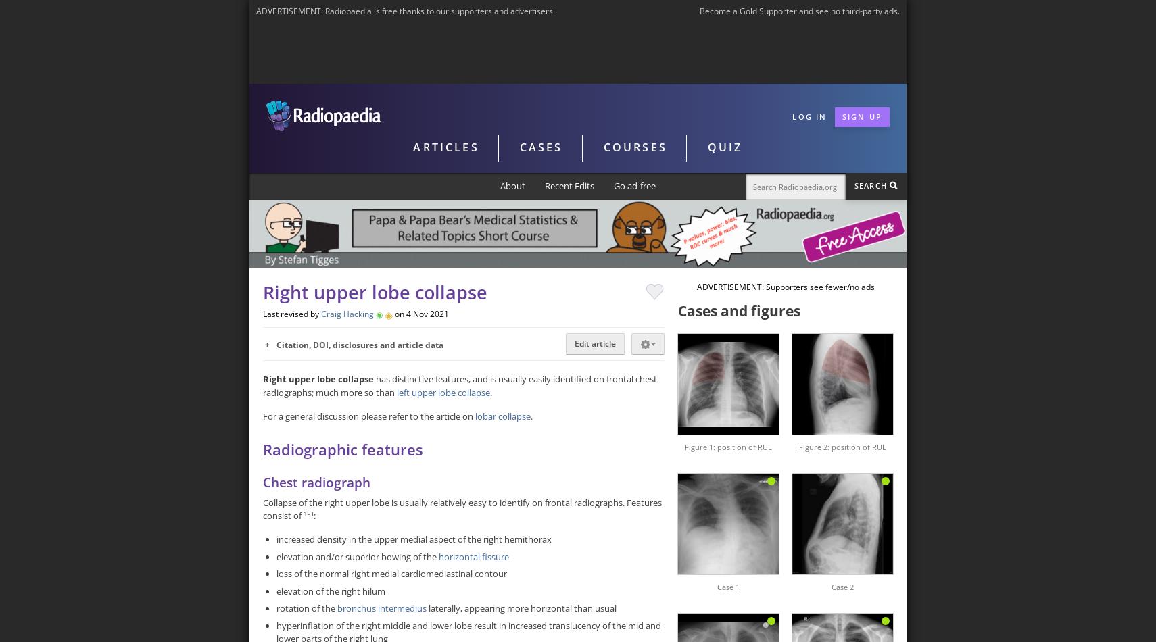 The width and height of the screenshot is (1156, 642). I want to click on 'laterally, appearing more horizontal than usual', so click(521, 608).